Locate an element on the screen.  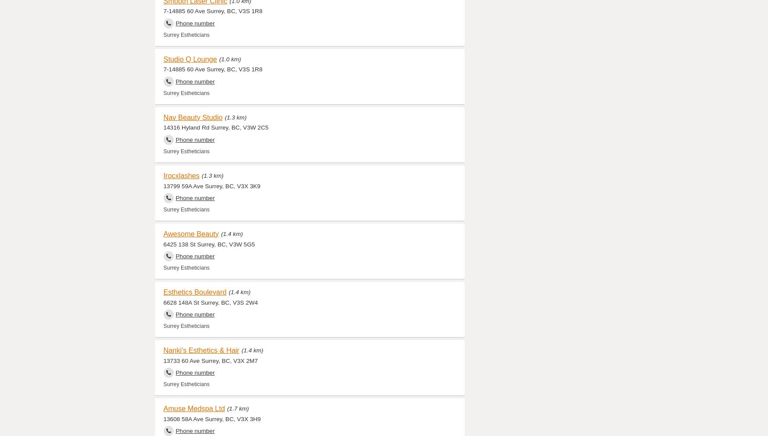
'13799 59A Ave Surrey, BC, V3X 3K9' is located at coordinates (212, 186).